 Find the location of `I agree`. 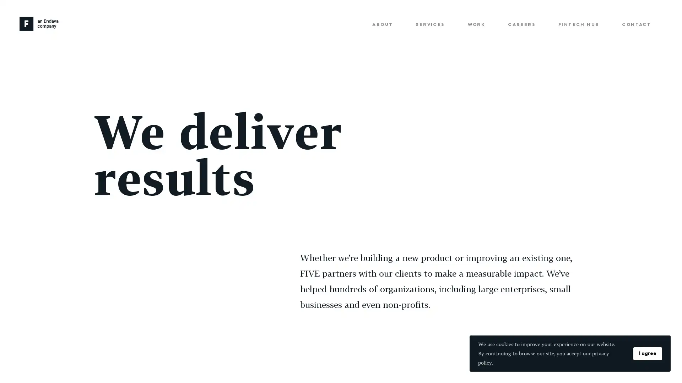

I agree is located at coordinates (648, 353).